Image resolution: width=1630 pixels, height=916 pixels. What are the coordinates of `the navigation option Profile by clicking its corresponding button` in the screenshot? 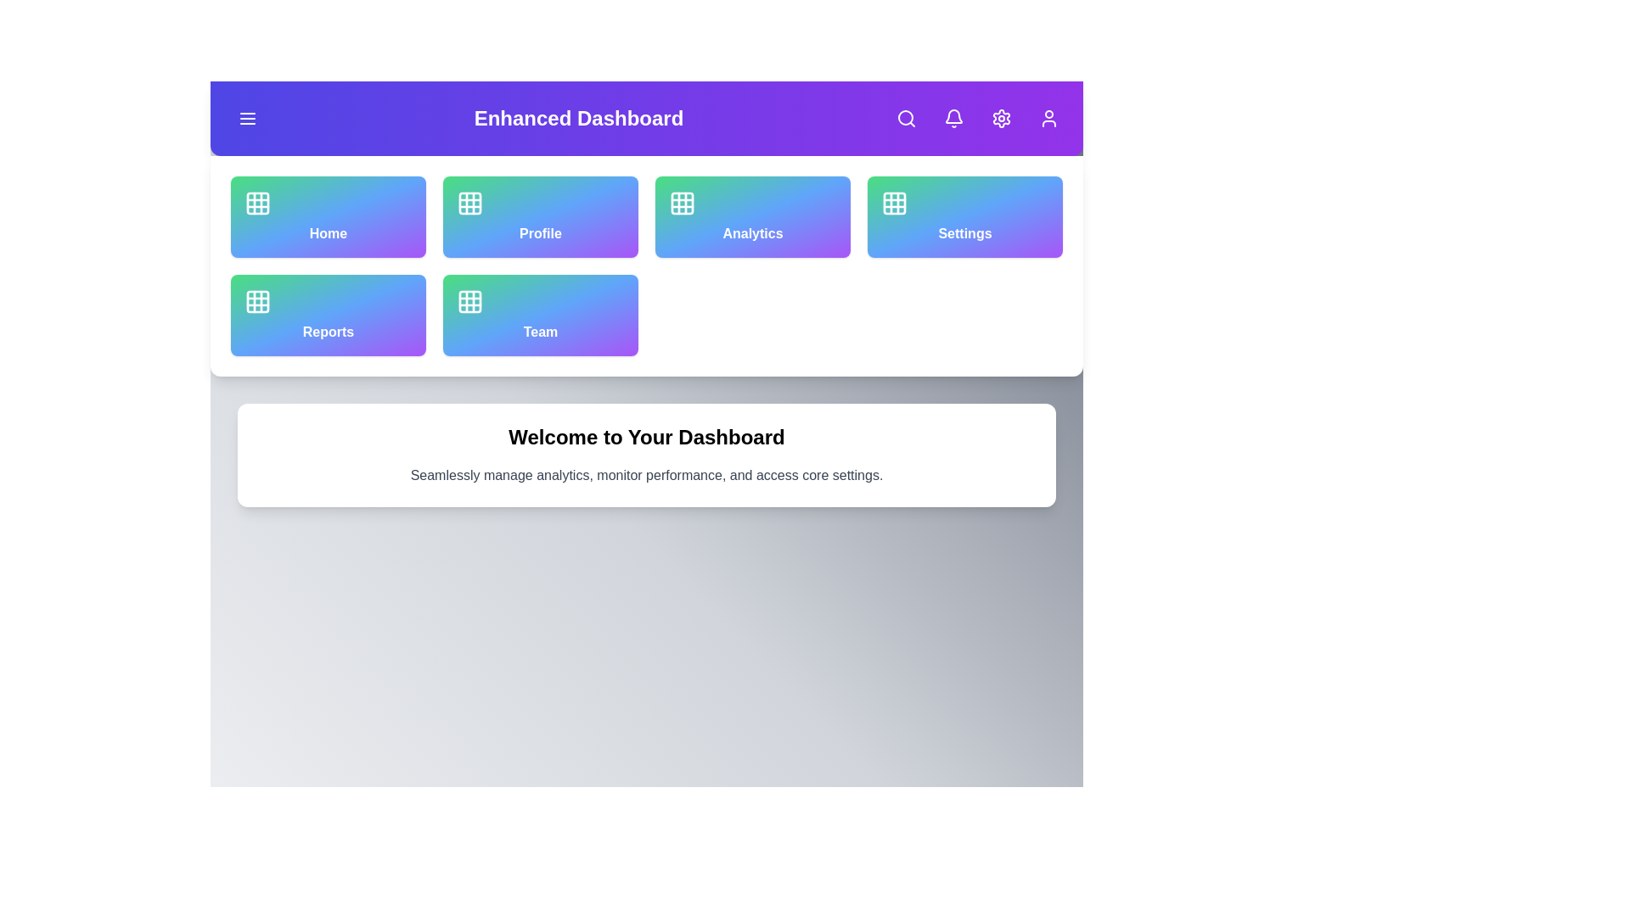 It's located at (540, 215).